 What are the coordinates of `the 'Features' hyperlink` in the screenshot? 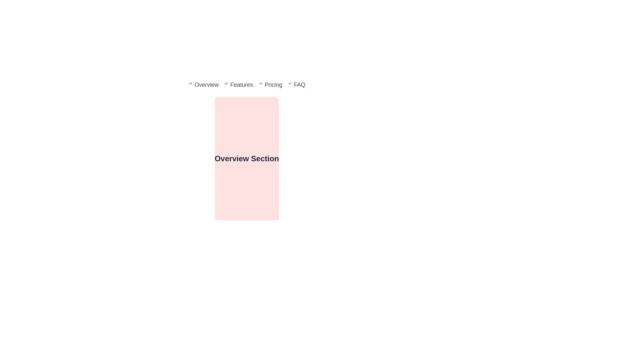 It's located at (238, 84).